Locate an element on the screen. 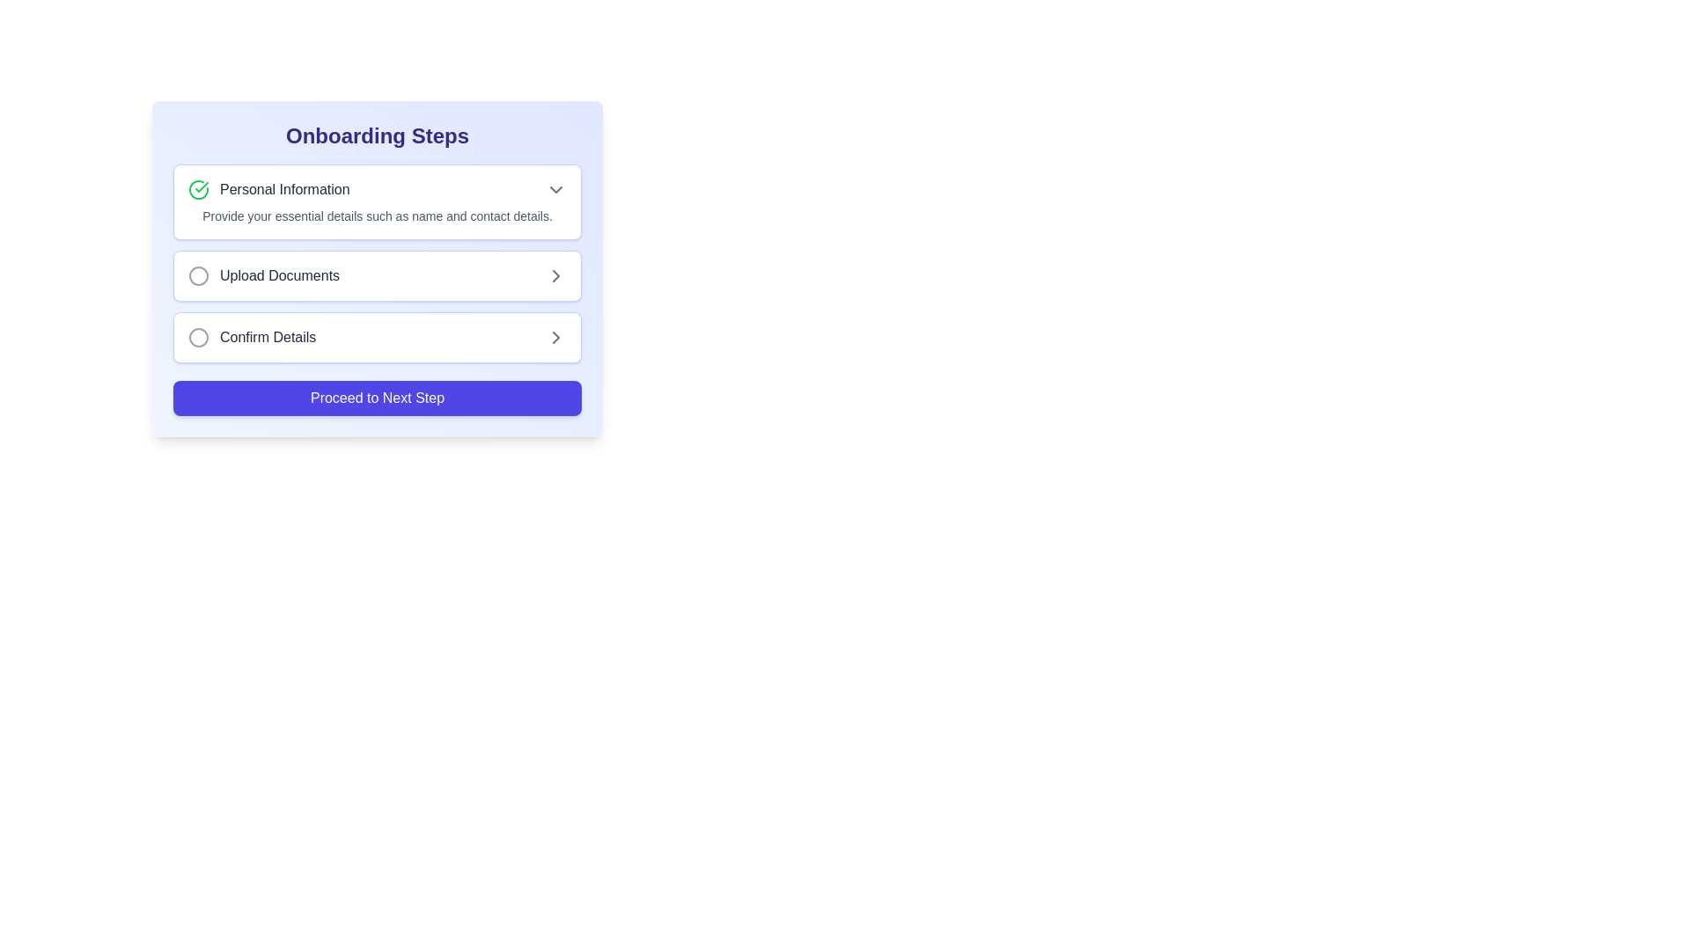  the chevron icon located at the far-right side of the 'Upload Documents' section to proceed or expand the section is located at coordinates (555, 275).